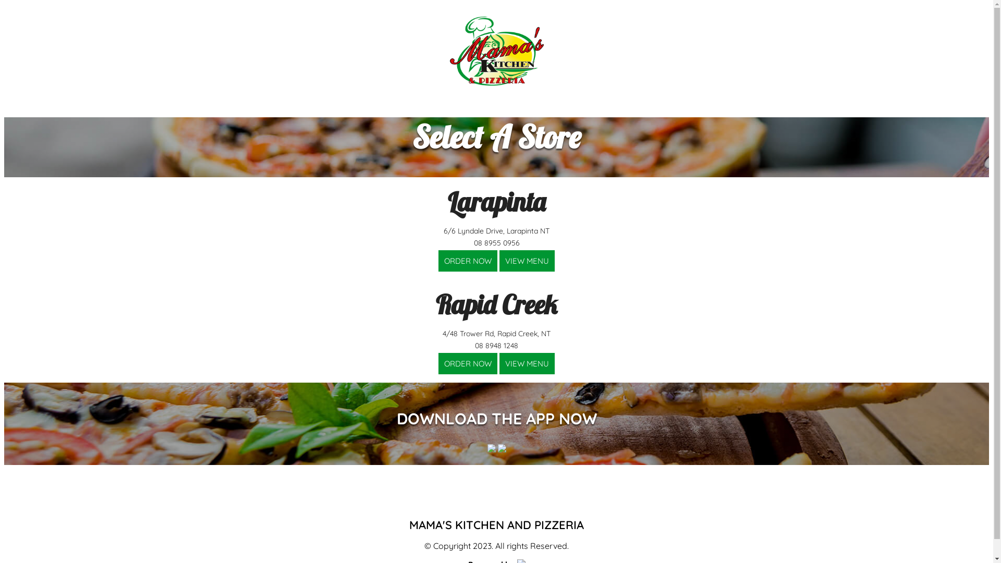  What do you see at coordinates (467, 260) in the screenshot?
I see `'ORDER NOW'` at bounding box center [467, 260].